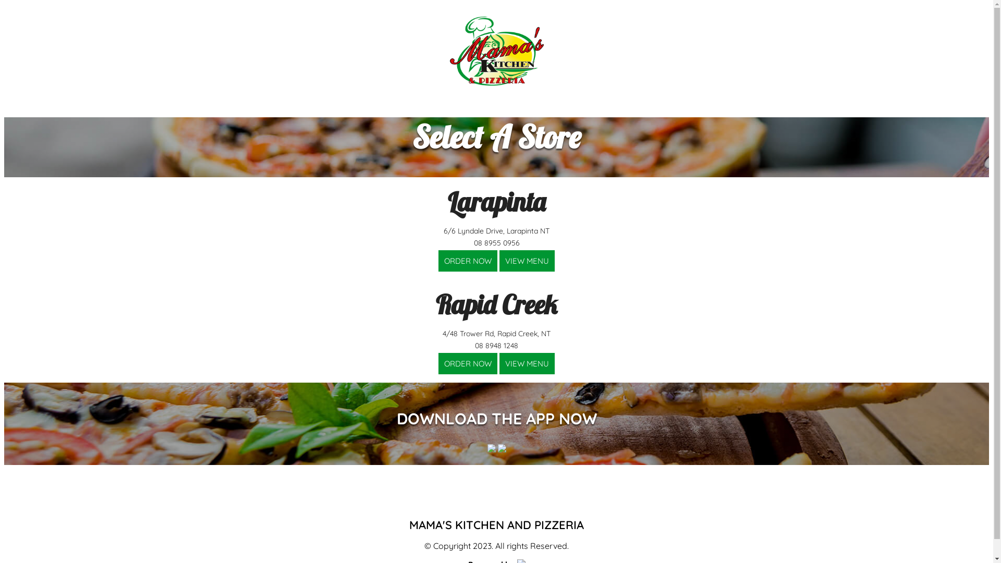  What do you see at coordinates (467, 260) in the screenshot?
I see `'ORDER NOW'` at bounding box center [467, 260].